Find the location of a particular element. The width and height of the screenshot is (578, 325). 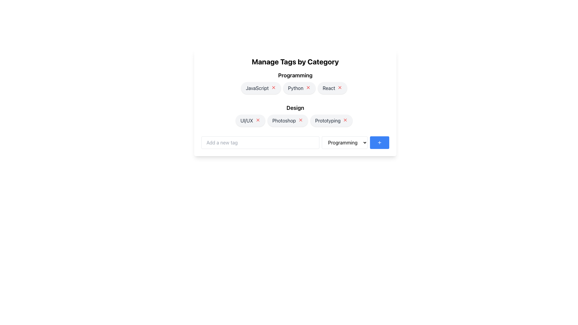

the 'Photoshop' removable tag with a delete button is located at coordinates (295, 122).